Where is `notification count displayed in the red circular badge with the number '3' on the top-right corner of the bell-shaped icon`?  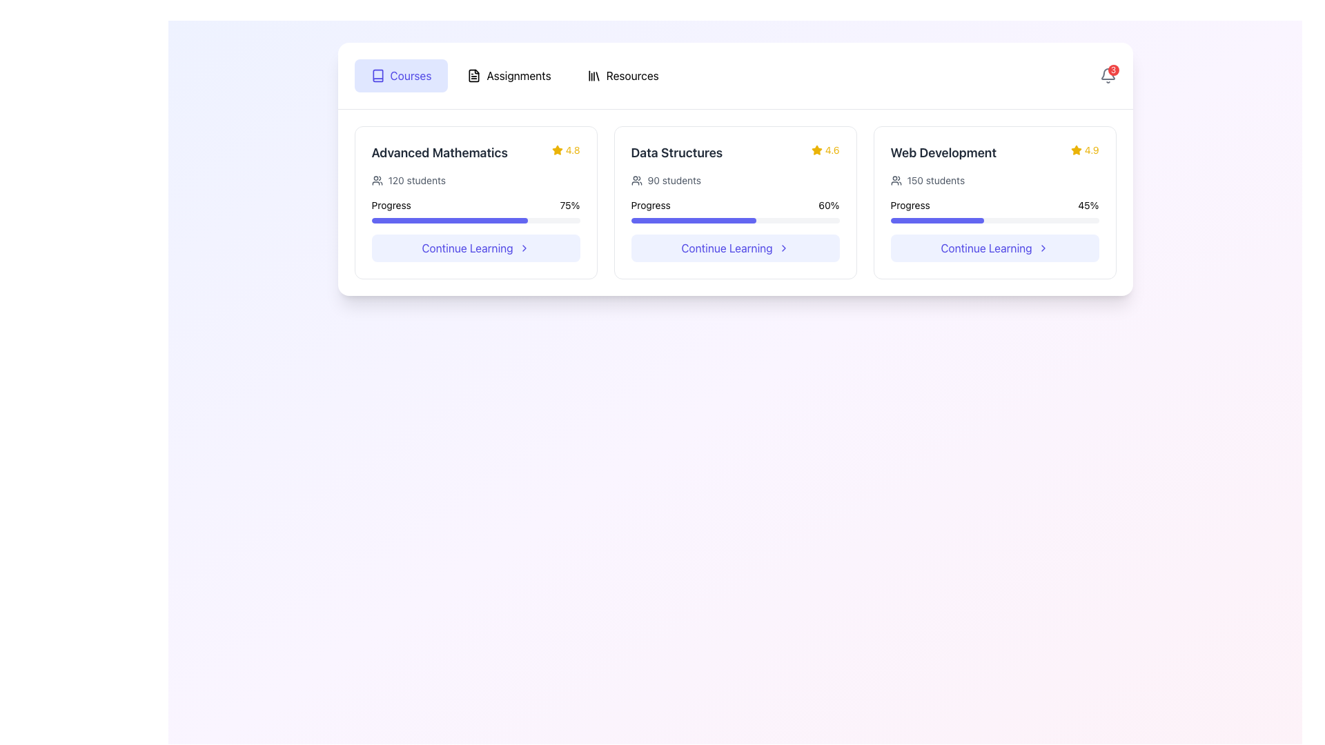
notification count displayed in the red circular badge with the number '3' on the top-right corner of the bell-shaped icon is located at coordinates (1108, 76).